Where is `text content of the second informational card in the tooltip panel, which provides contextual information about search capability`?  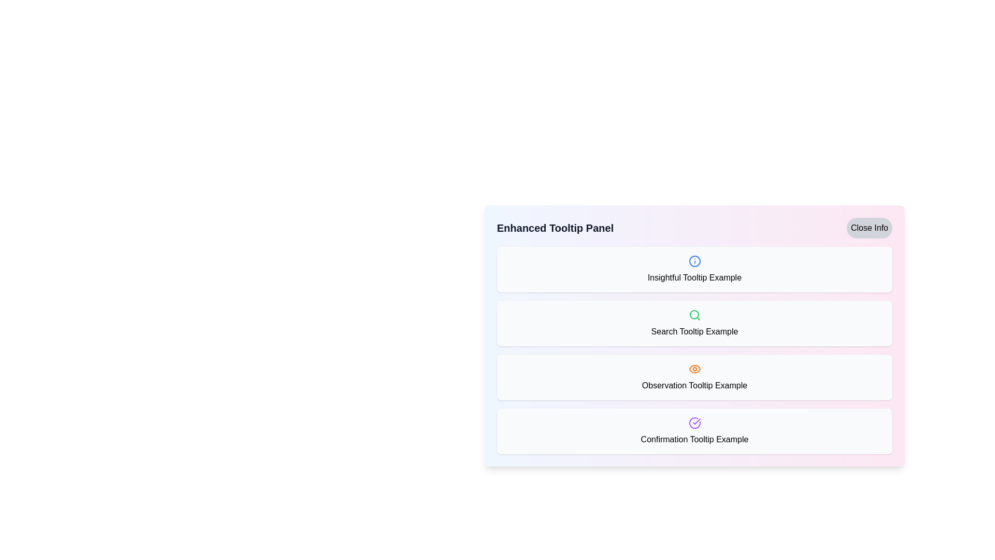
text content of the second informational card in the tooltip panel, which provides contextual information about search capability is located at coordinates (694, 336).